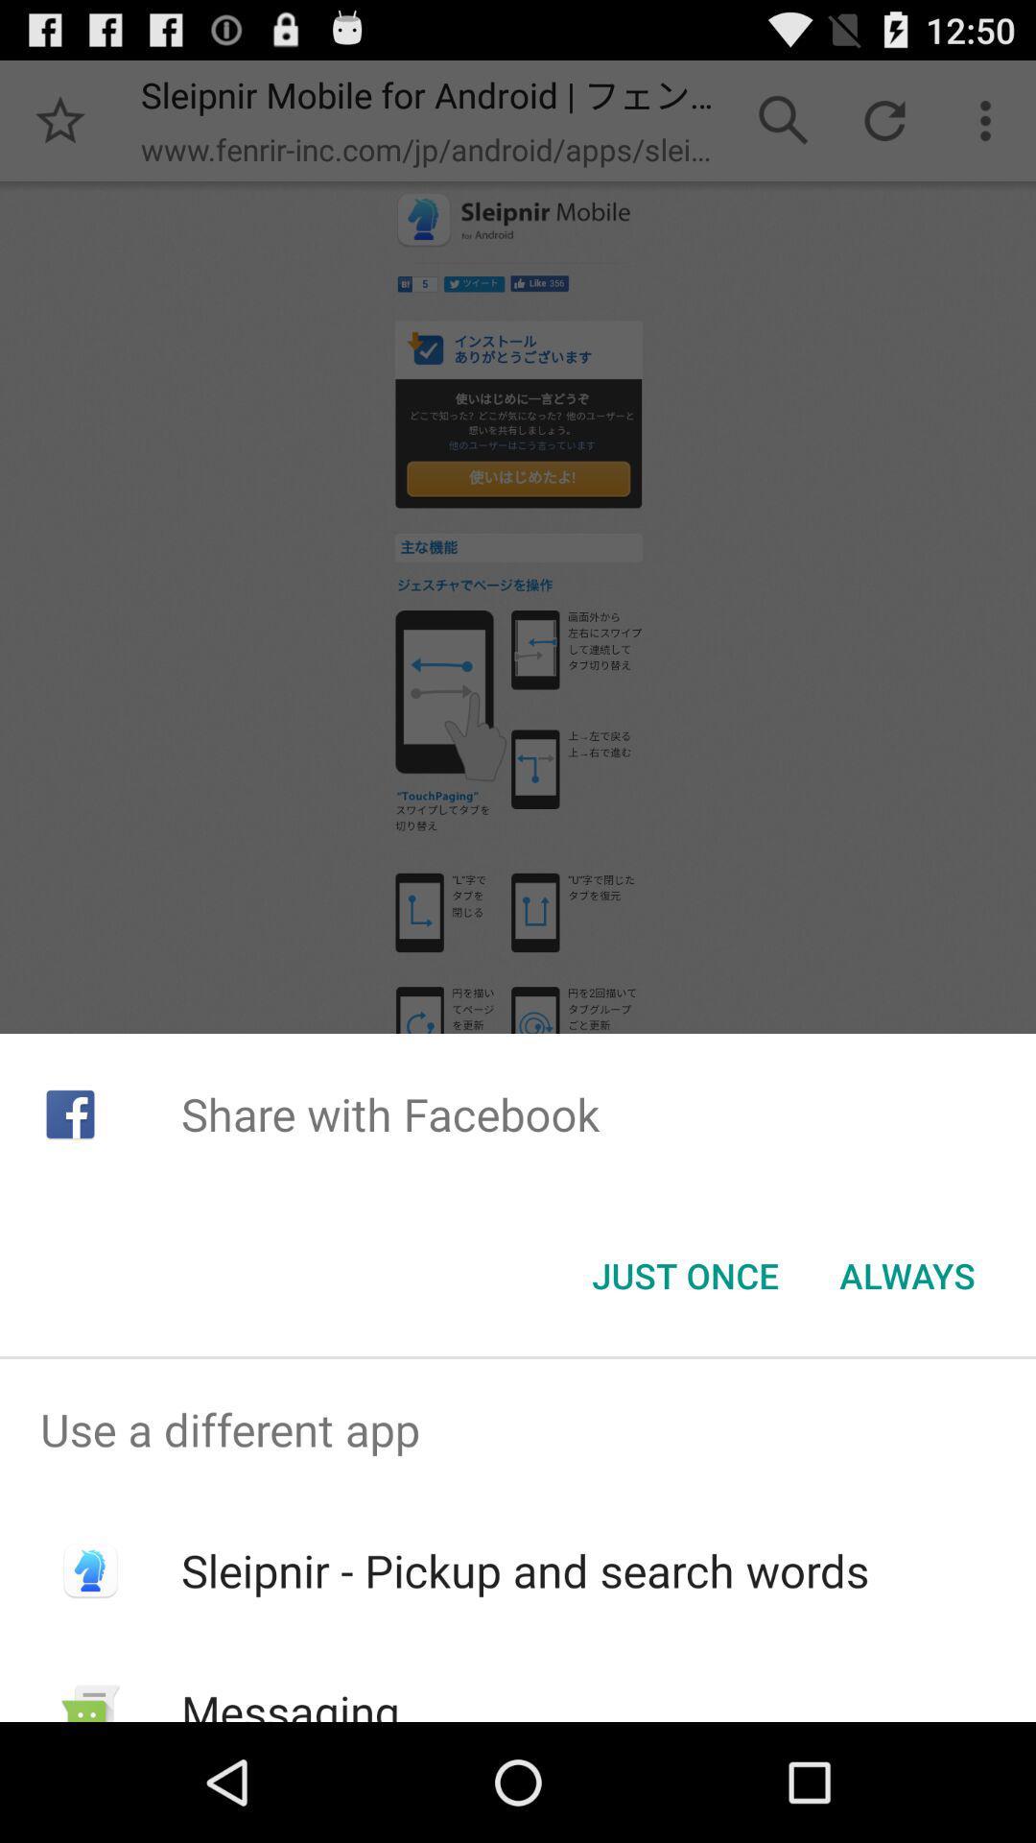 Image resolution: width=1036 pixels, height=1843 pixels. What do you see at coordinates (518, 1429) in the screenshot?
I see `use a different app` at bounding box center [518, 1429].